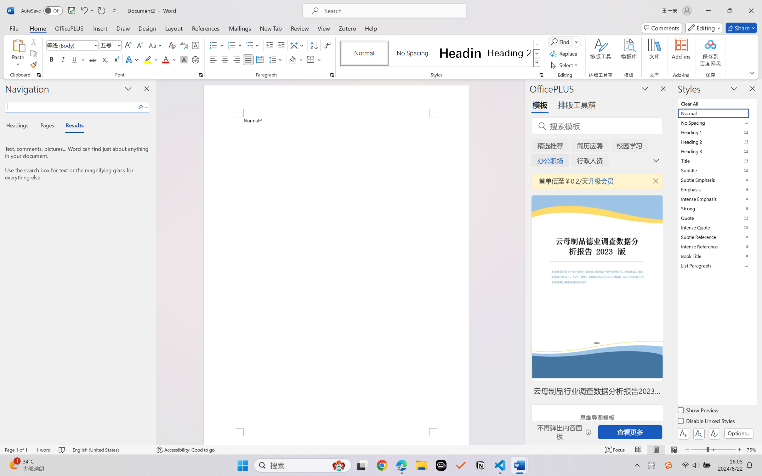 Image resolution: width=762 pixels, height=476 pixels. What do you see at coordinates (716, 170) in the screenshot?
I see `'Subtitle'` at bounding box center [716, 170].